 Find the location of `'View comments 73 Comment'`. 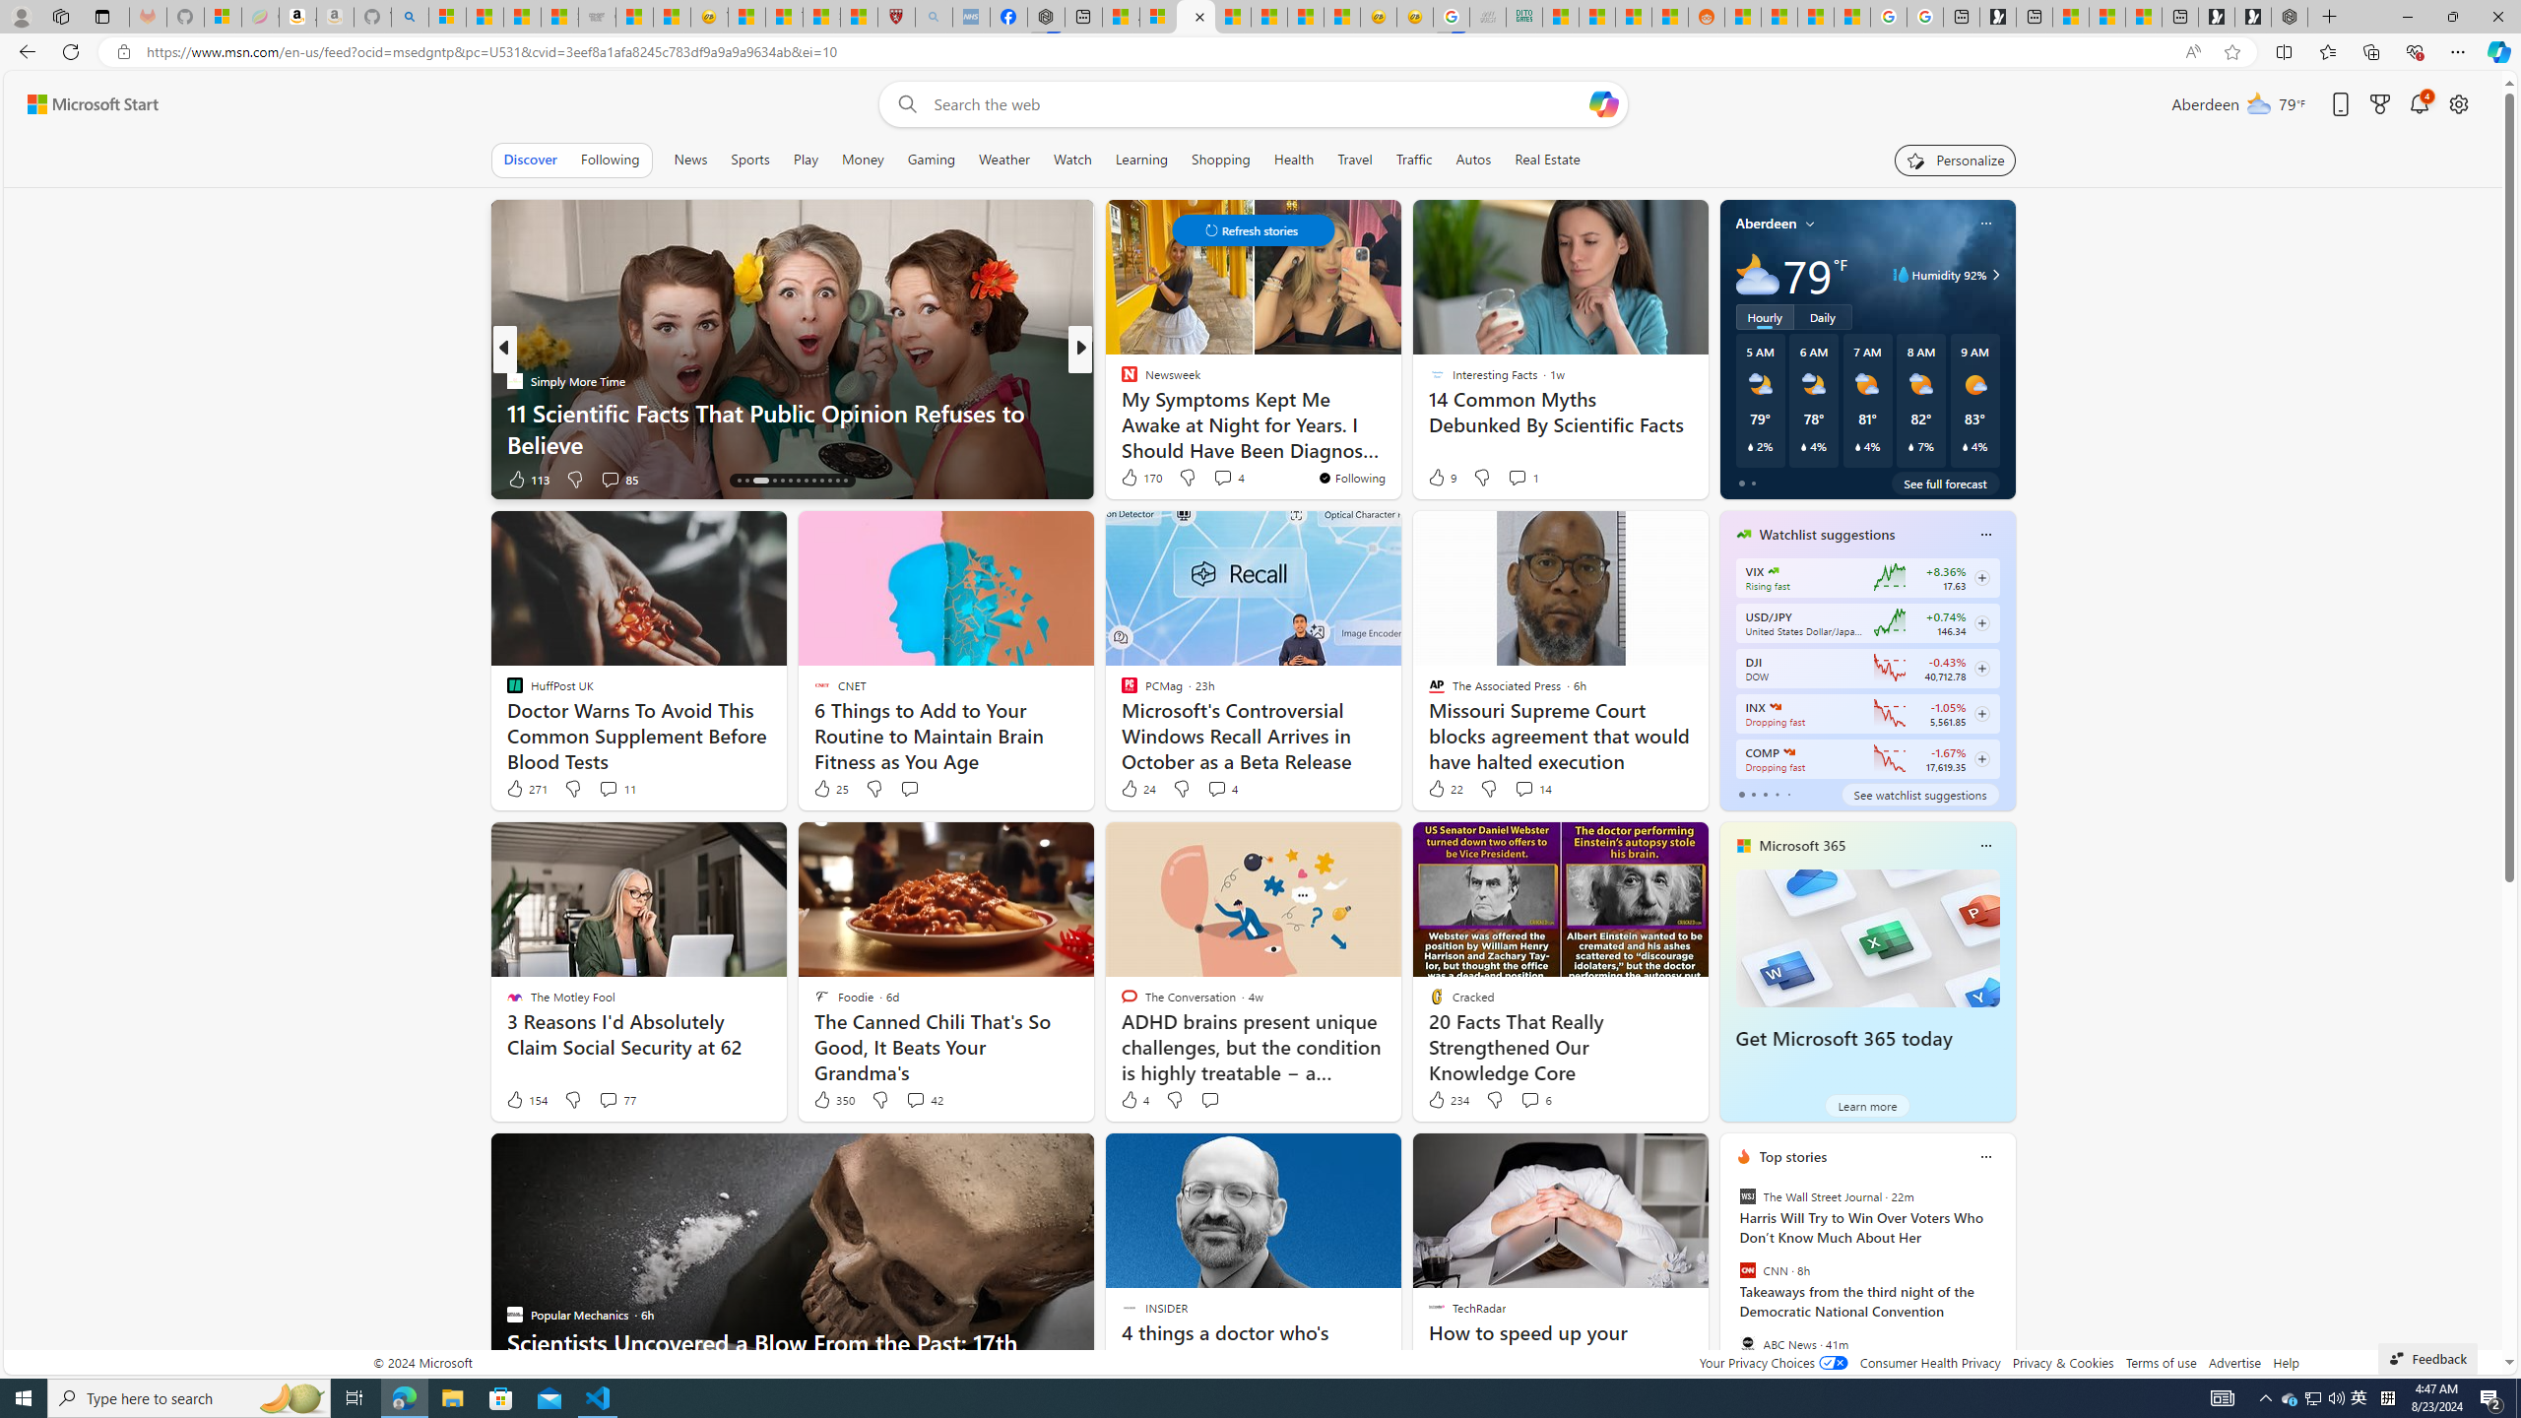

'View comments 73 Comment' is located at coordinates (1216, 479).